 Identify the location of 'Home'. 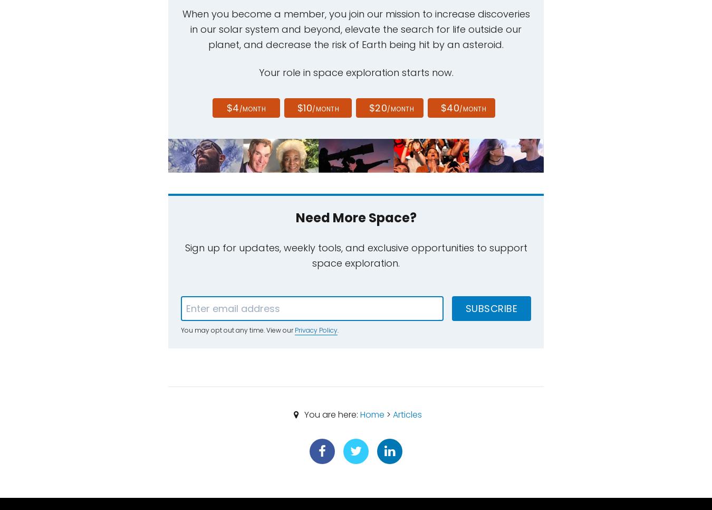
(371, 413).